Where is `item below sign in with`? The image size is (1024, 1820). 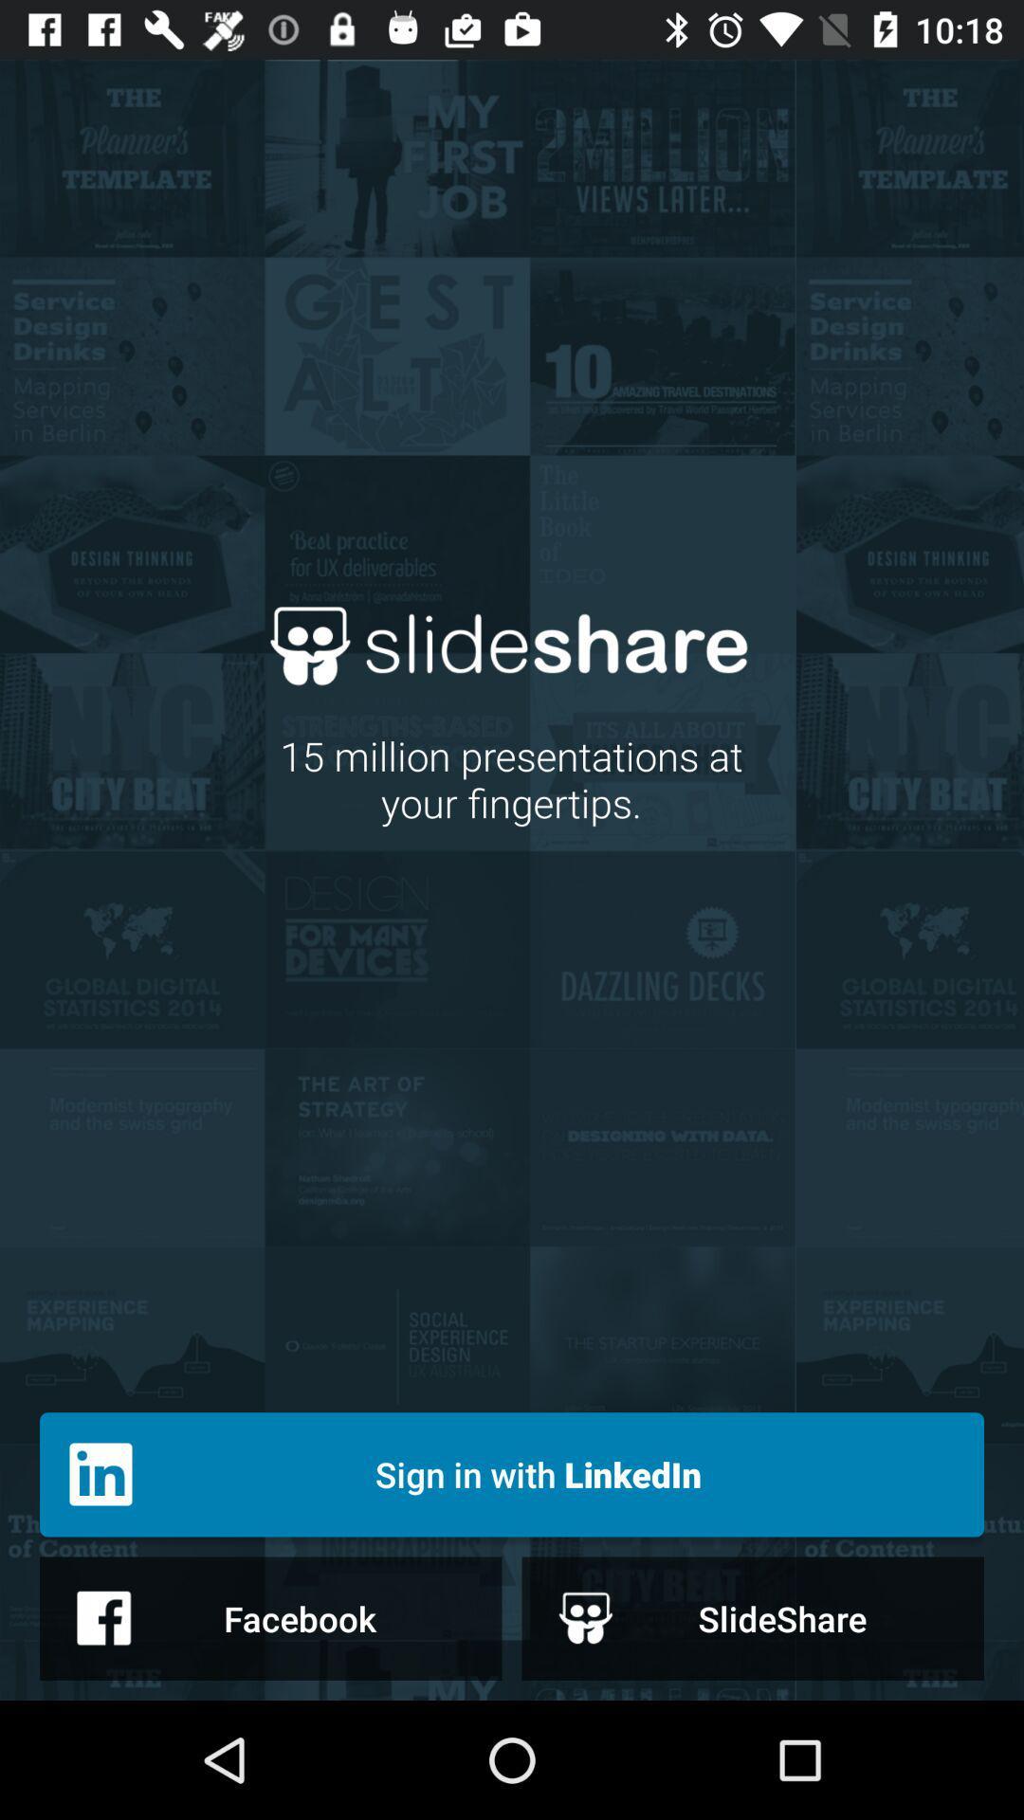 item below sign in with is located at coordinates (752, 1617).